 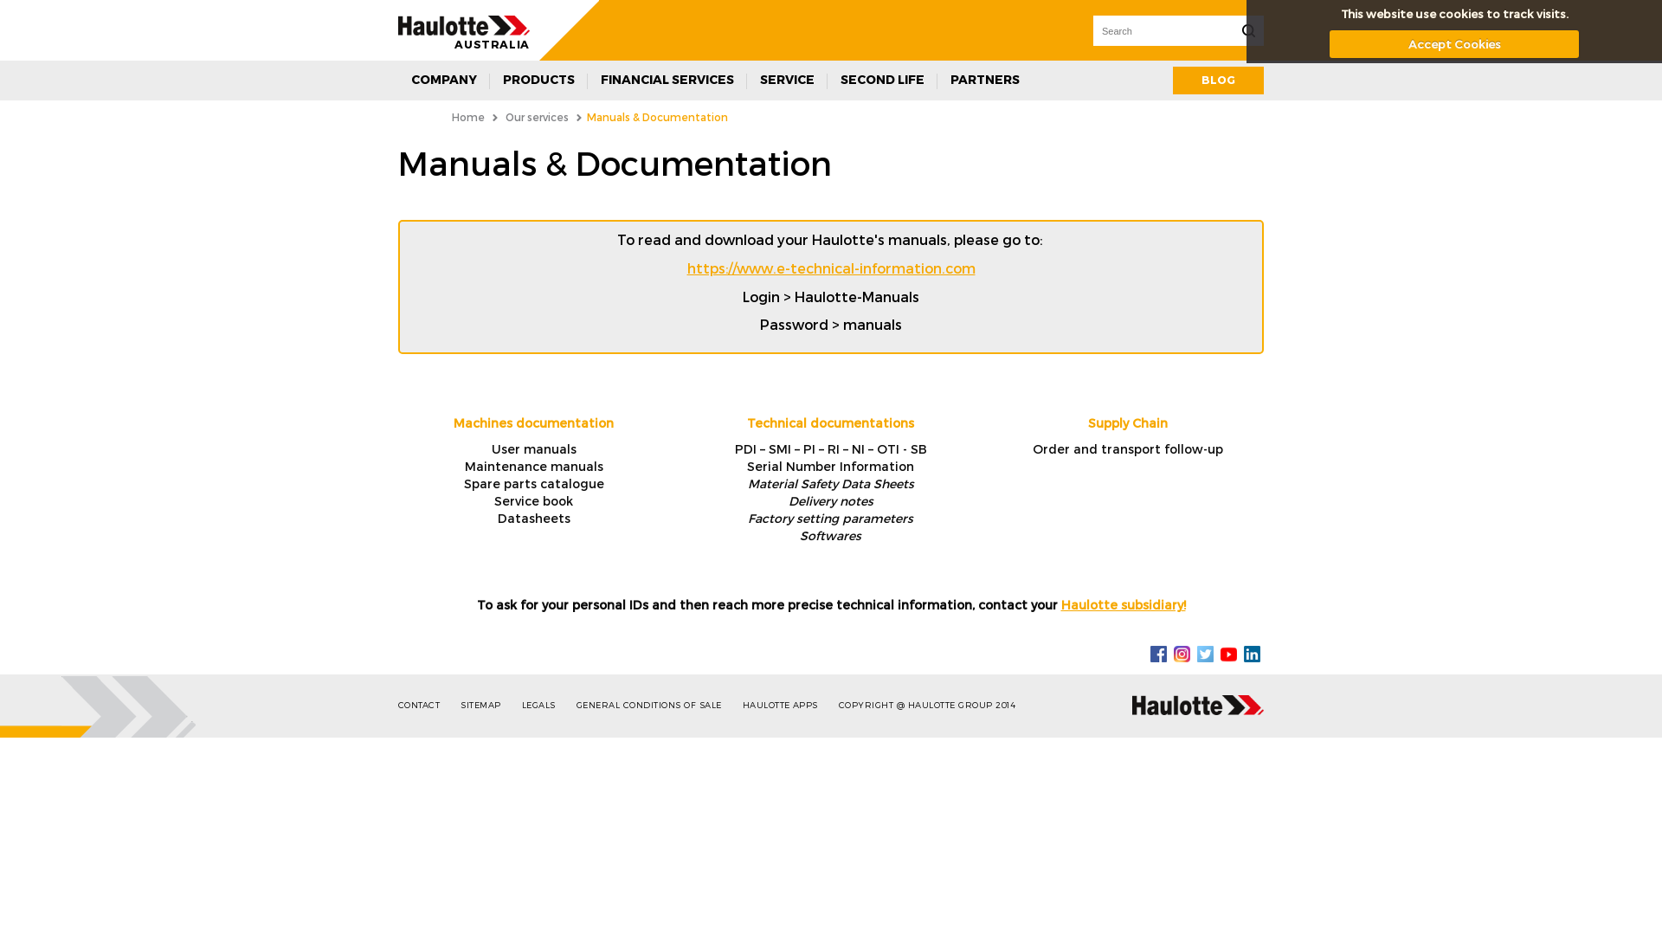 What do you see at coordinates (788, 705) in the screenshot?
I see `'HAULOTTE APPS'` at bounding box center [788, 705].